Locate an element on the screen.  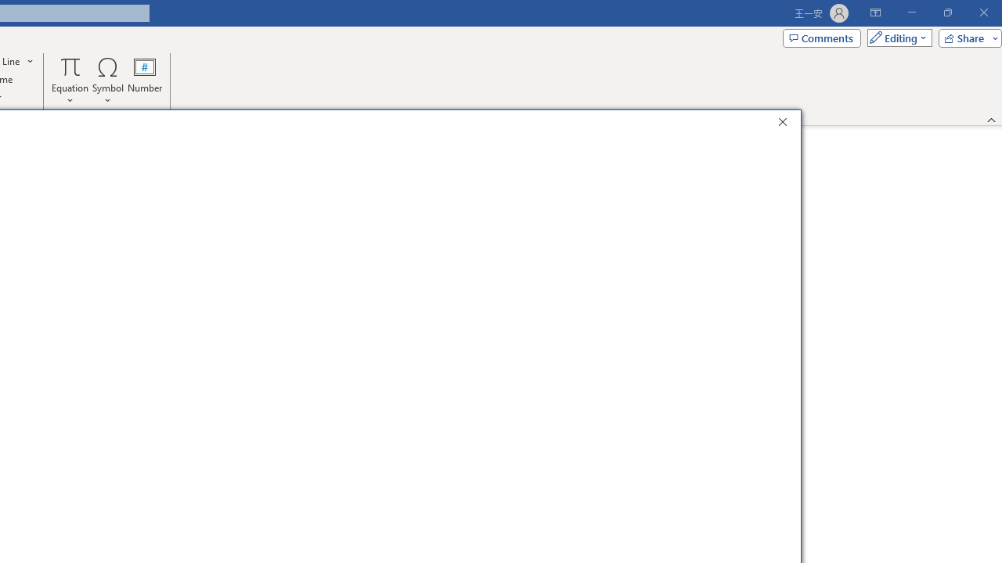
'Number...' is located at coordinates (145, 81).